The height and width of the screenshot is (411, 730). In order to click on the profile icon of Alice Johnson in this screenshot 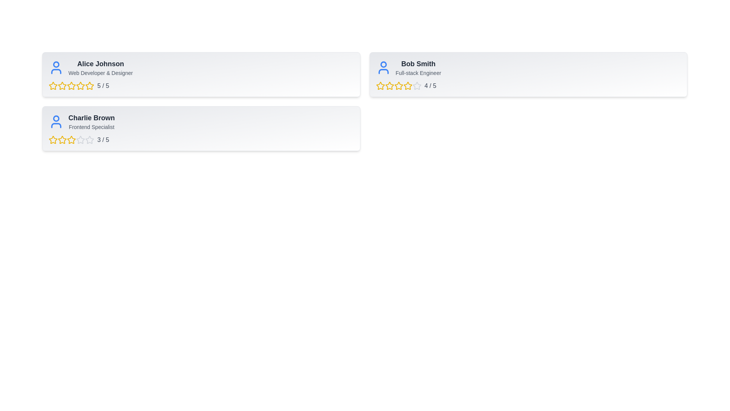, I will do `click(56, 67)`.